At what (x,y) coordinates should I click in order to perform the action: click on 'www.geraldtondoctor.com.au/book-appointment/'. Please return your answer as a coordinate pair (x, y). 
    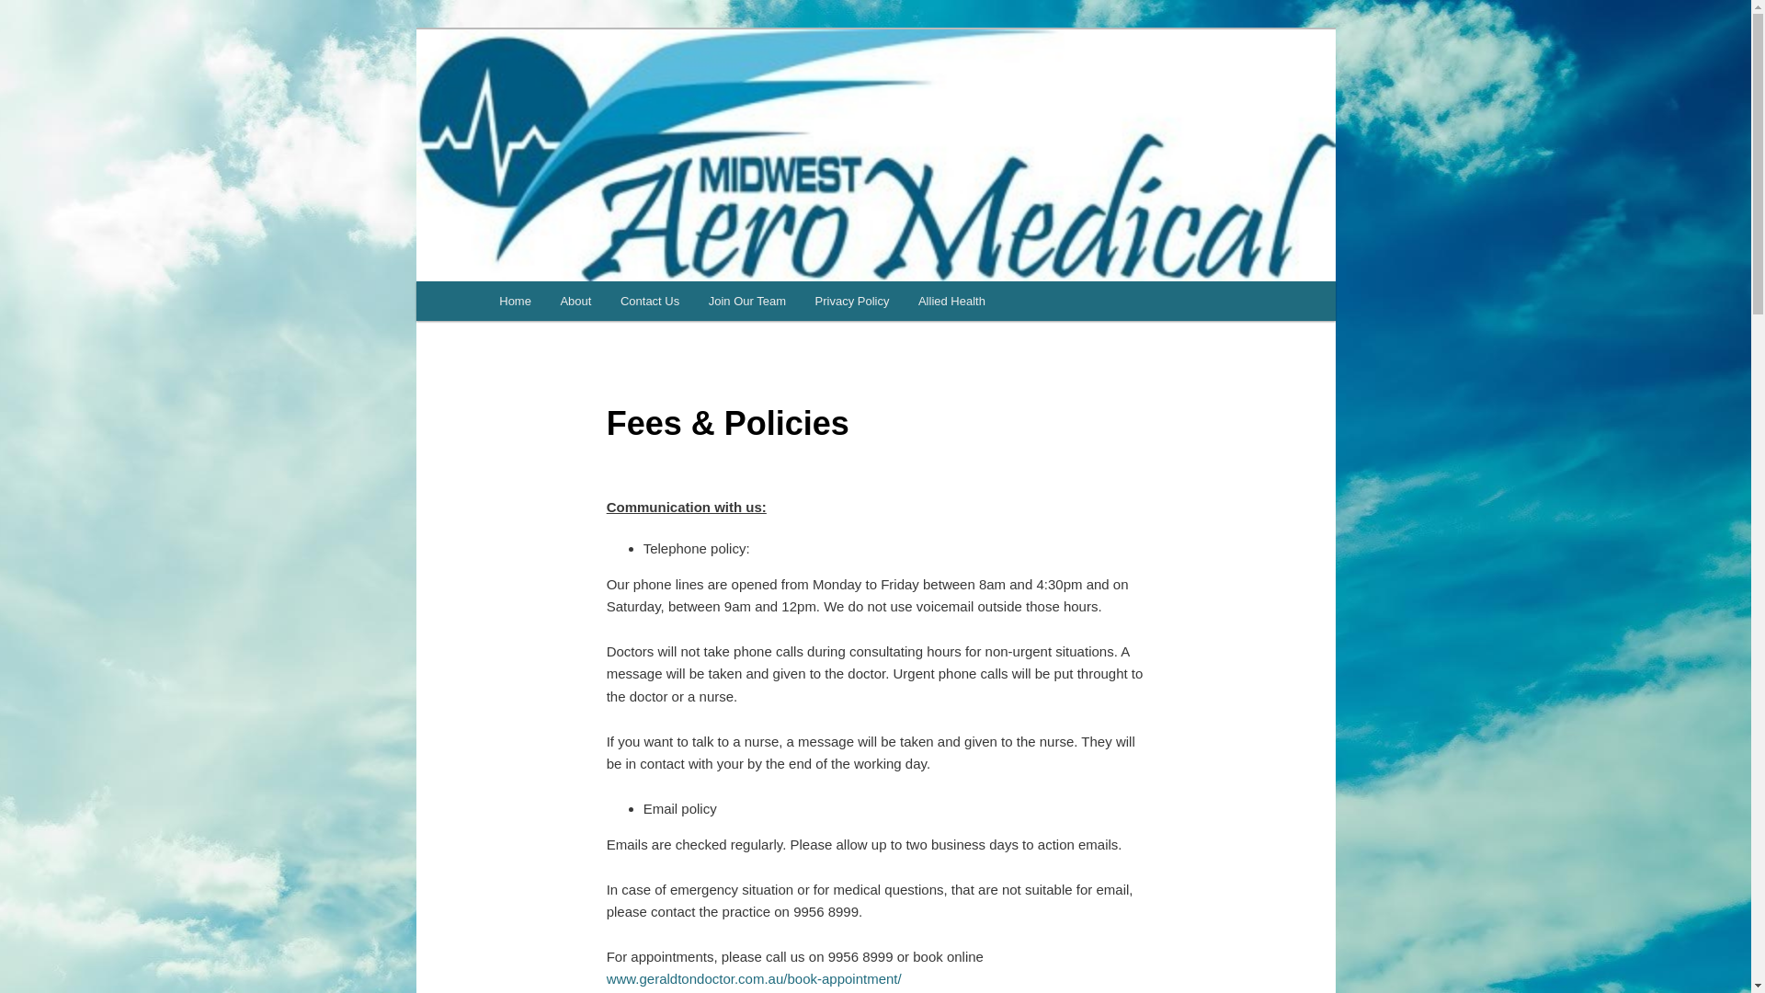
    Looking at the image, I should click on (754, 977).